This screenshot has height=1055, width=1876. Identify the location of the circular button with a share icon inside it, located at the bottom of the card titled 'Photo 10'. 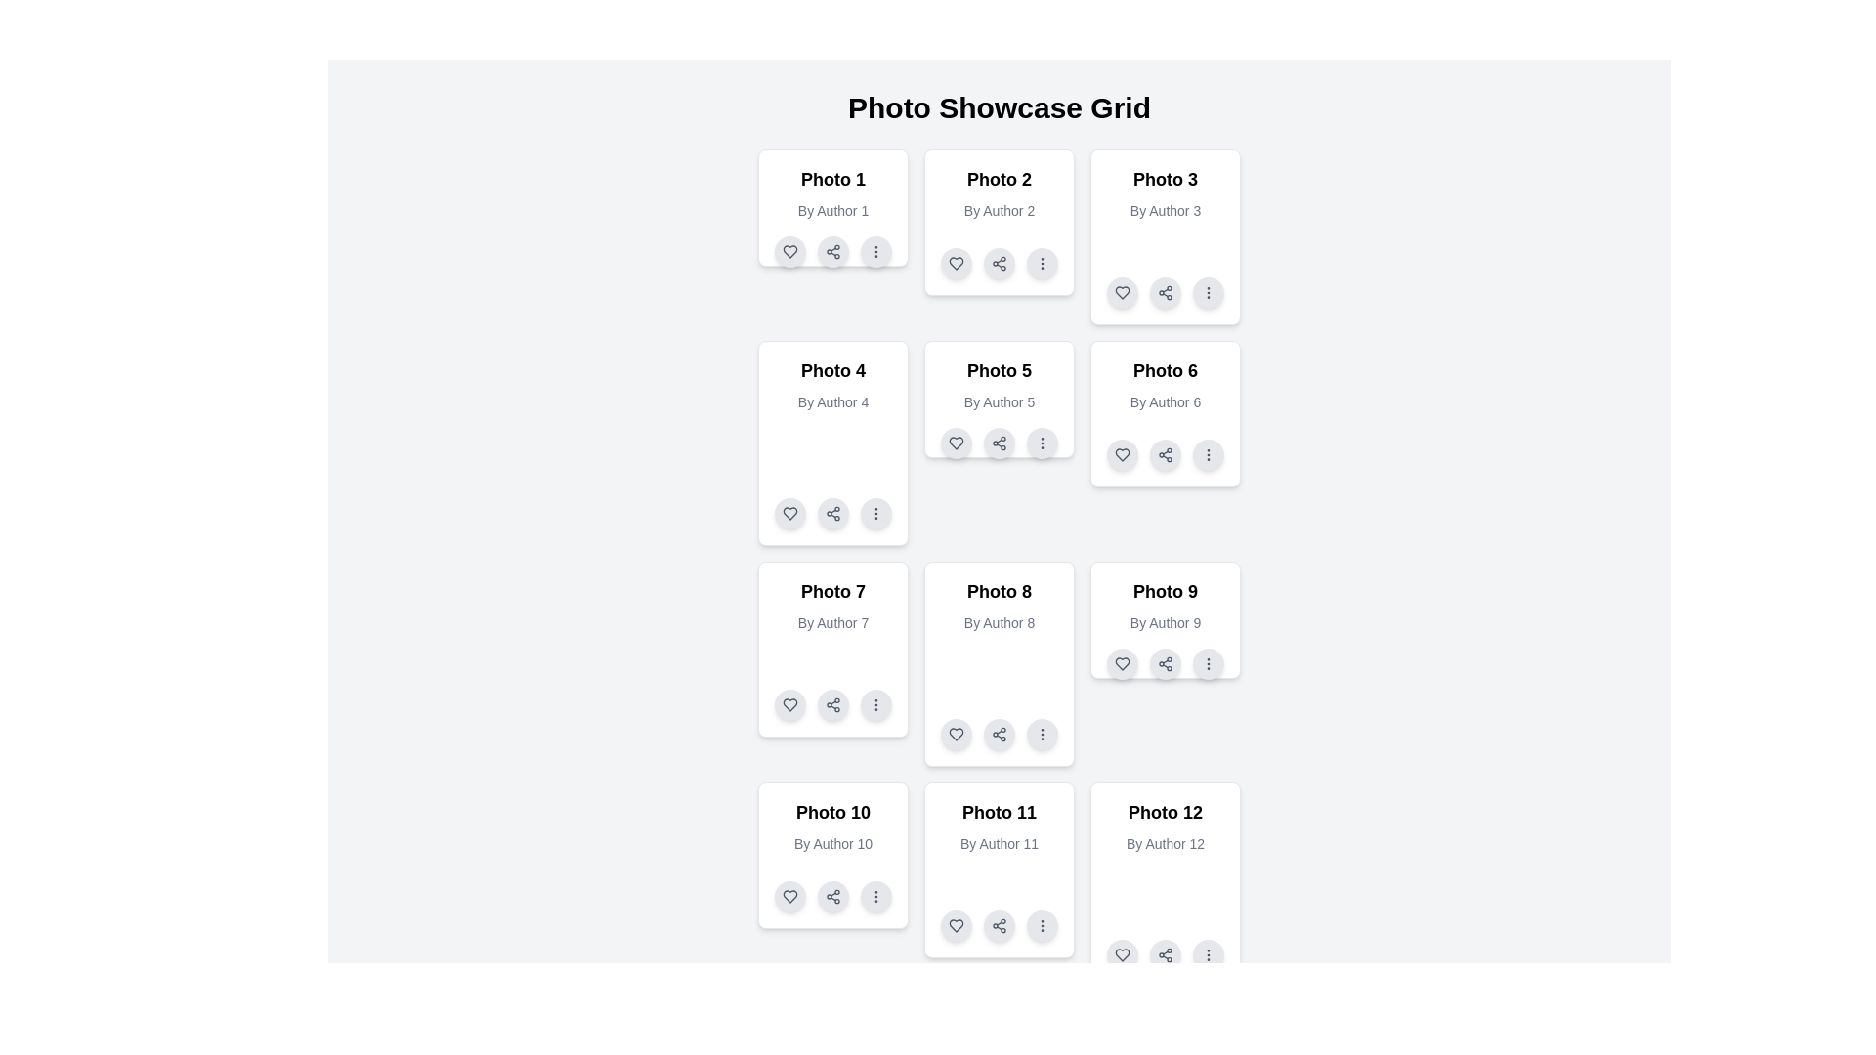
(833, 897).